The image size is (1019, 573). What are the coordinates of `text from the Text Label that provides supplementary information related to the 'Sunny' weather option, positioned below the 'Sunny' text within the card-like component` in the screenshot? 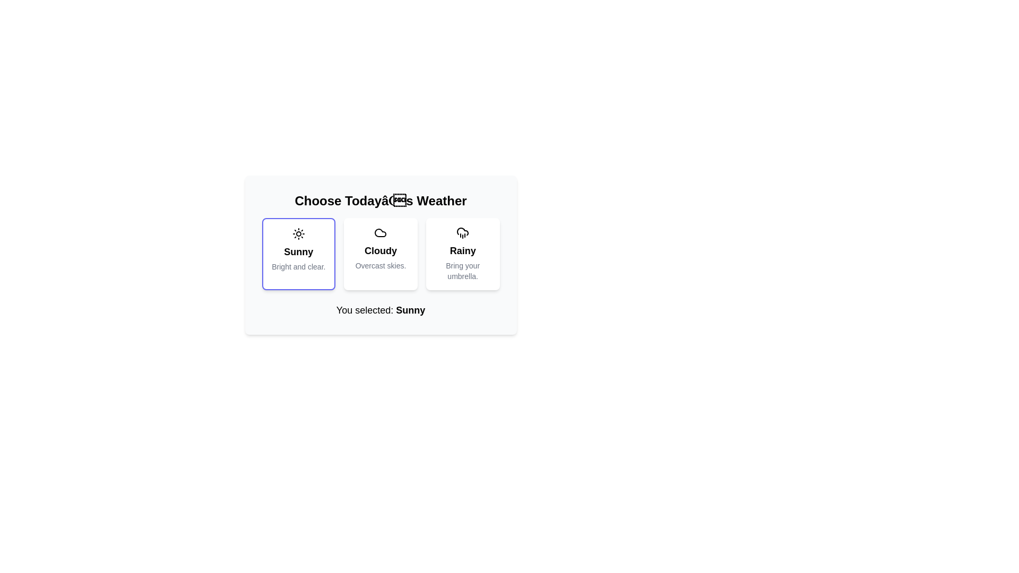 It's located at (298, 266).